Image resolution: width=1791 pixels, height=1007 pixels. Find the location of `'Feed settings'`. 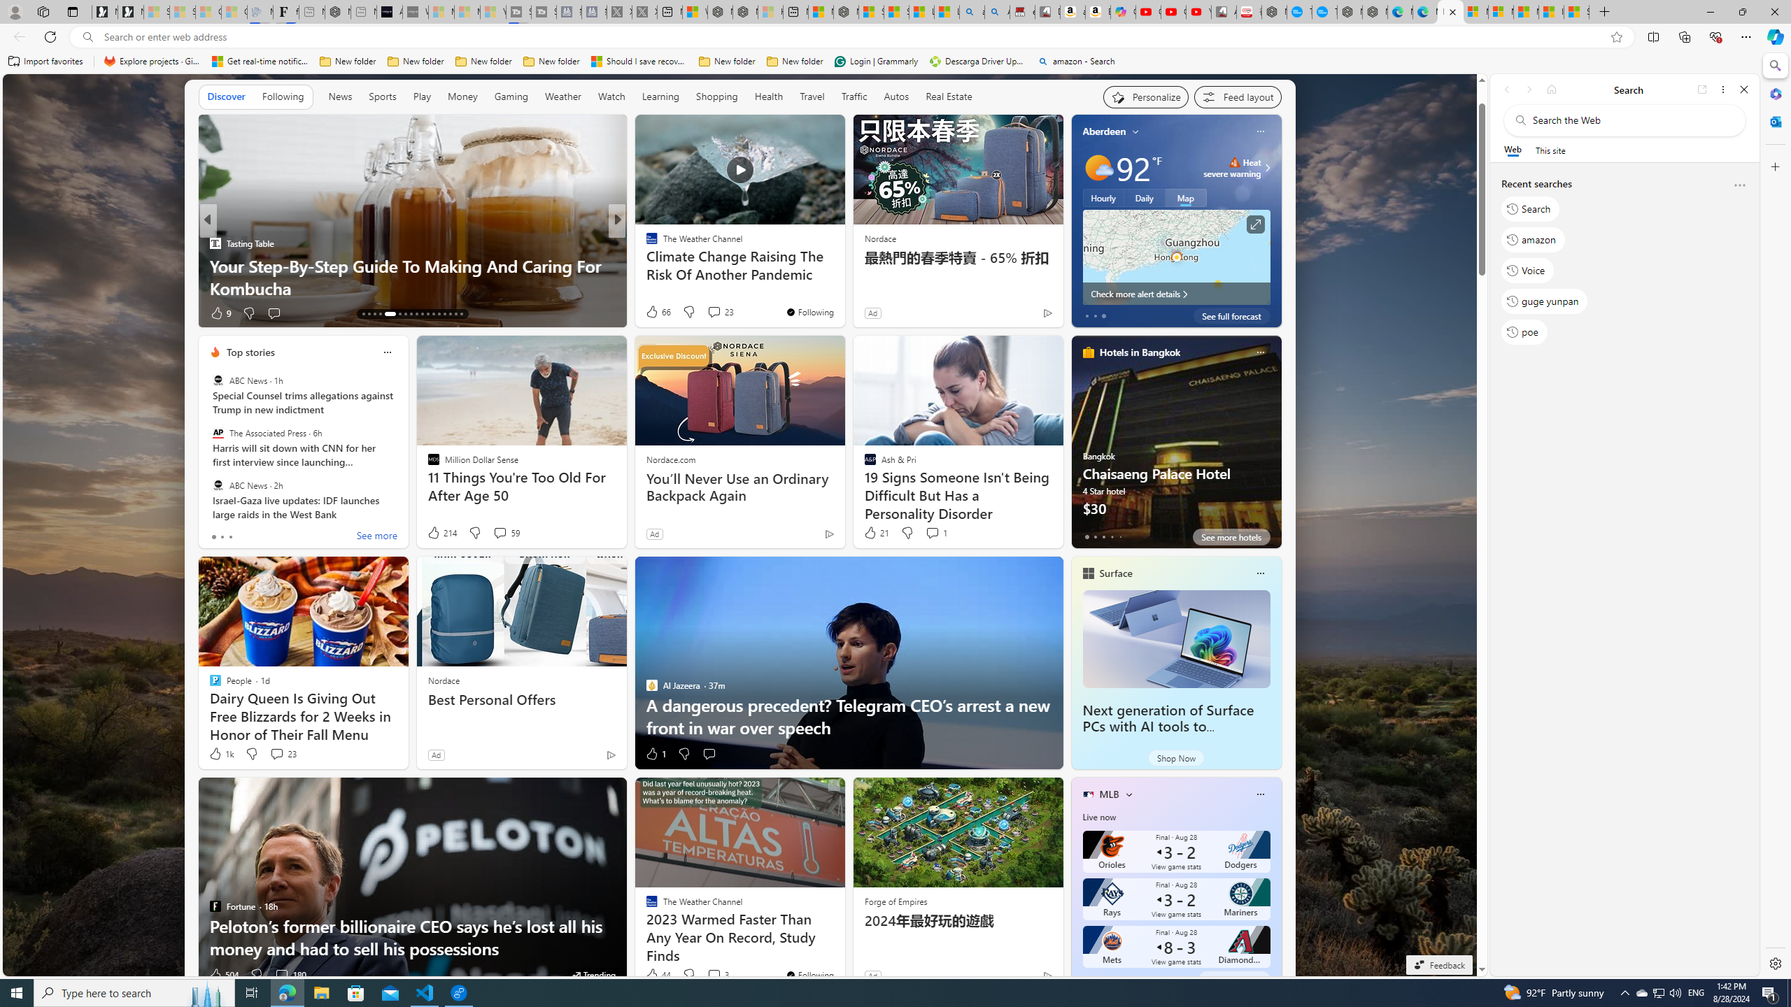

'Feed settings' is located at coordinates (1237, 96).